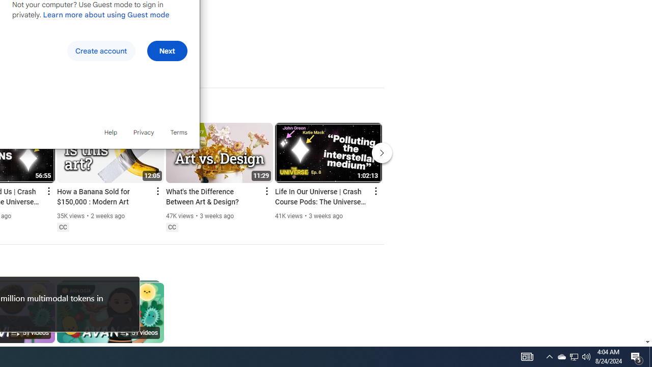  What do you see at coordinates (101, 51) in the screenshot?
I see `'Create account'` at bounding box center [101, 51].